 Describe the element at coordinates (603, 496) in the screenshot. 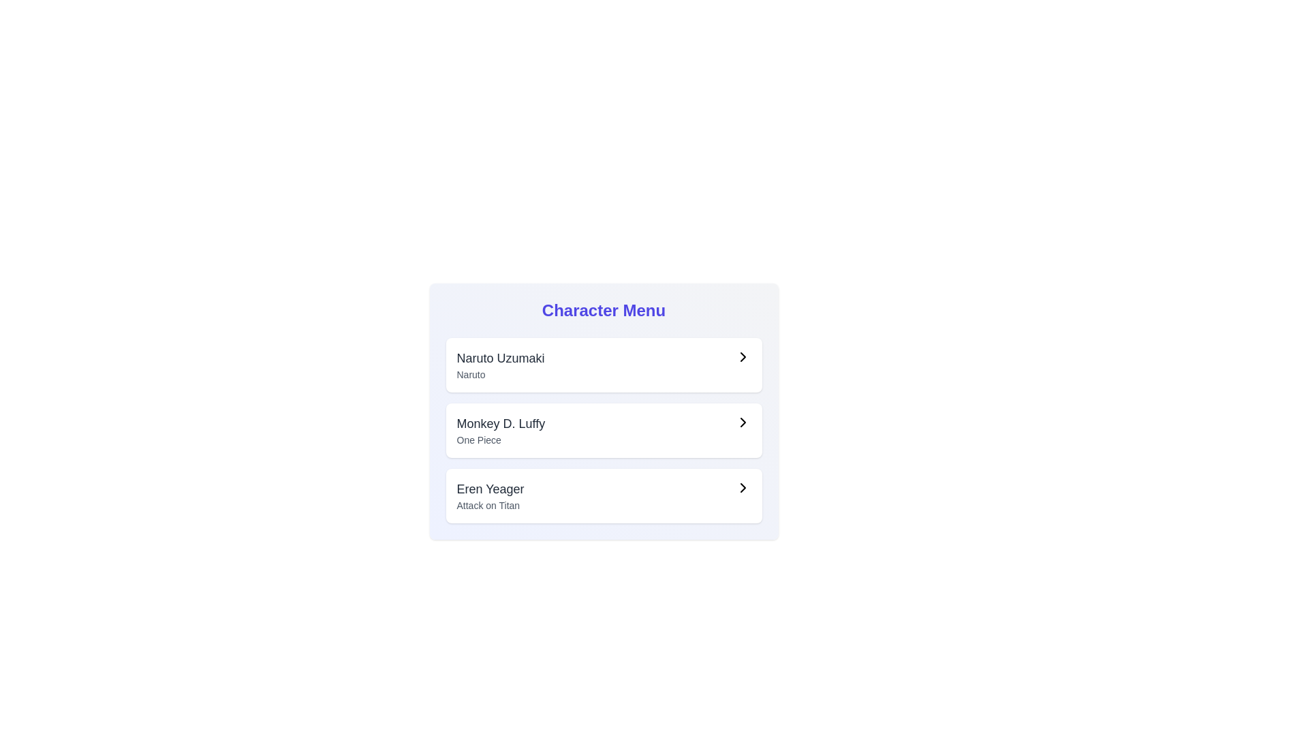

I see `the selectable list item displaying 'Eren Yeager' with the subtitle 'Attack on Titan'` at that location.